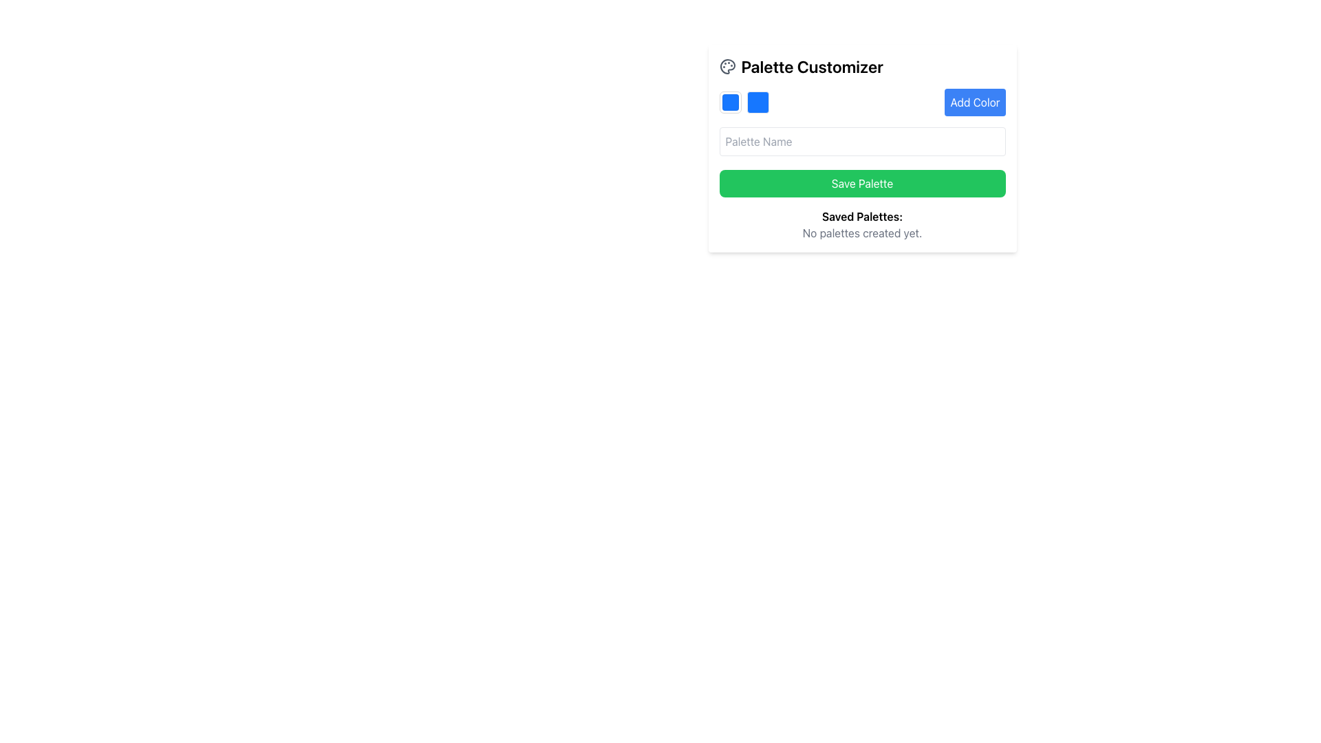 Image resolution: width=1321 pixels, height=743 pixels. I want to click on text content of the 'Saved Palettes' section header label, which indicates that no palettes have been created yet, so click(861, 217).